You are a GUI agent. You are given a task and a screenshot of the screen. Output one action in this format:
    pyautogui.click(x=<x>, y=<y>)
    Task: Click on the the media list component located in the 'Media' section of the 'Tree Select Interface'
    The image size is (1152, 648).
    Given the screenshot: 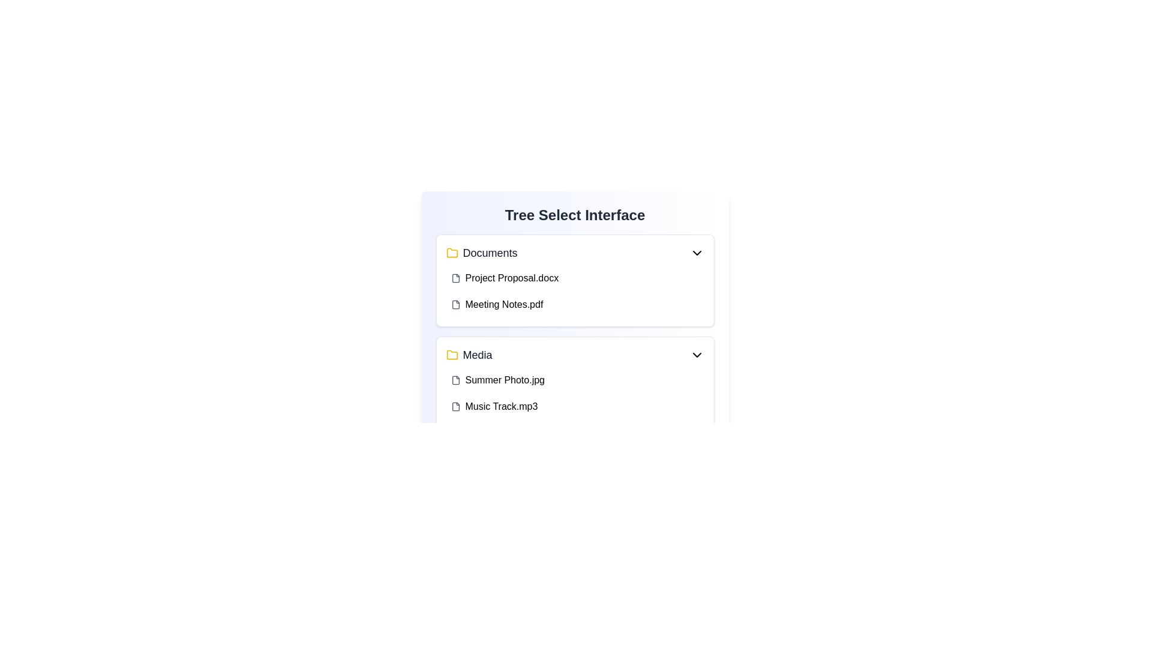 What is the action you would take?
    pyautogui.click(x=574, y=393)
    